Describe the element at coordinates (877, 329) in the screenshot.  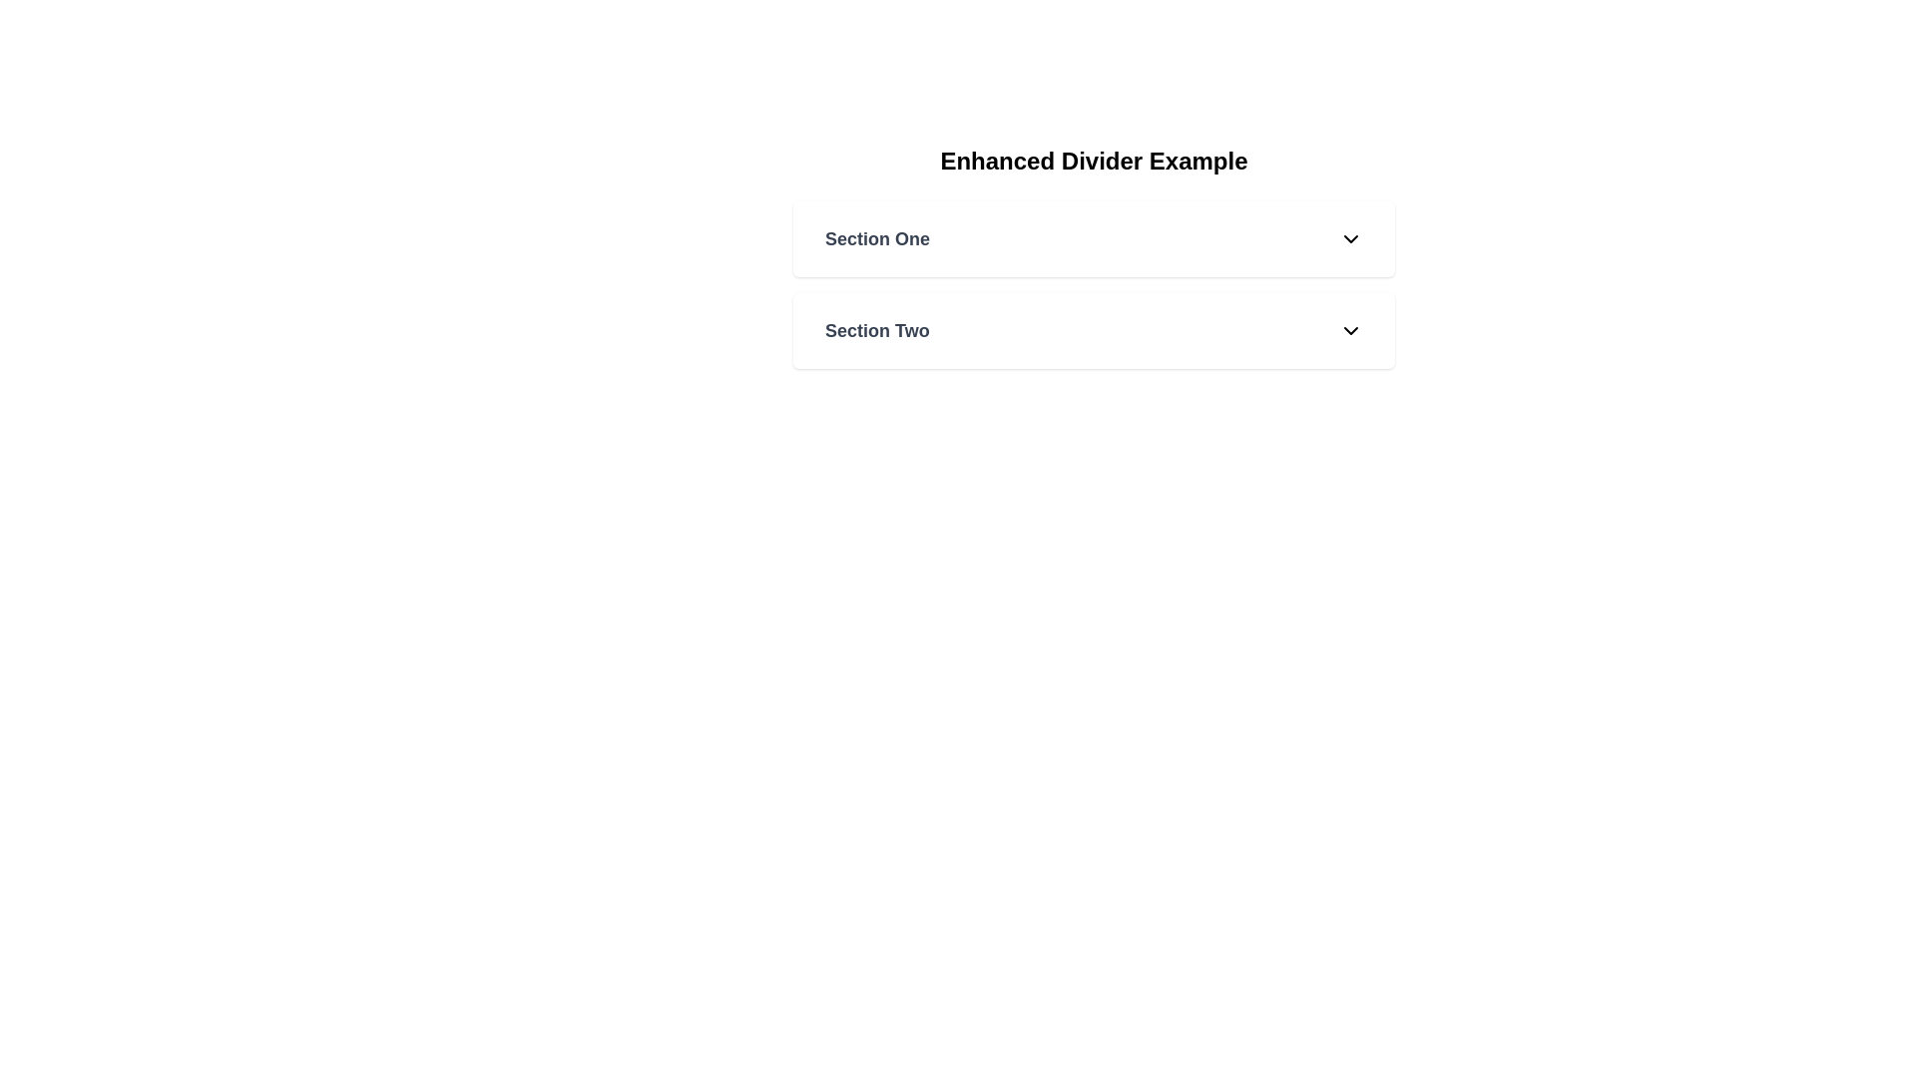
I see `text label displaying 'Section Two', which is styled in a larger font size and bold weight, located to the left of a chevron-down icon in the second navigation item` at that location.